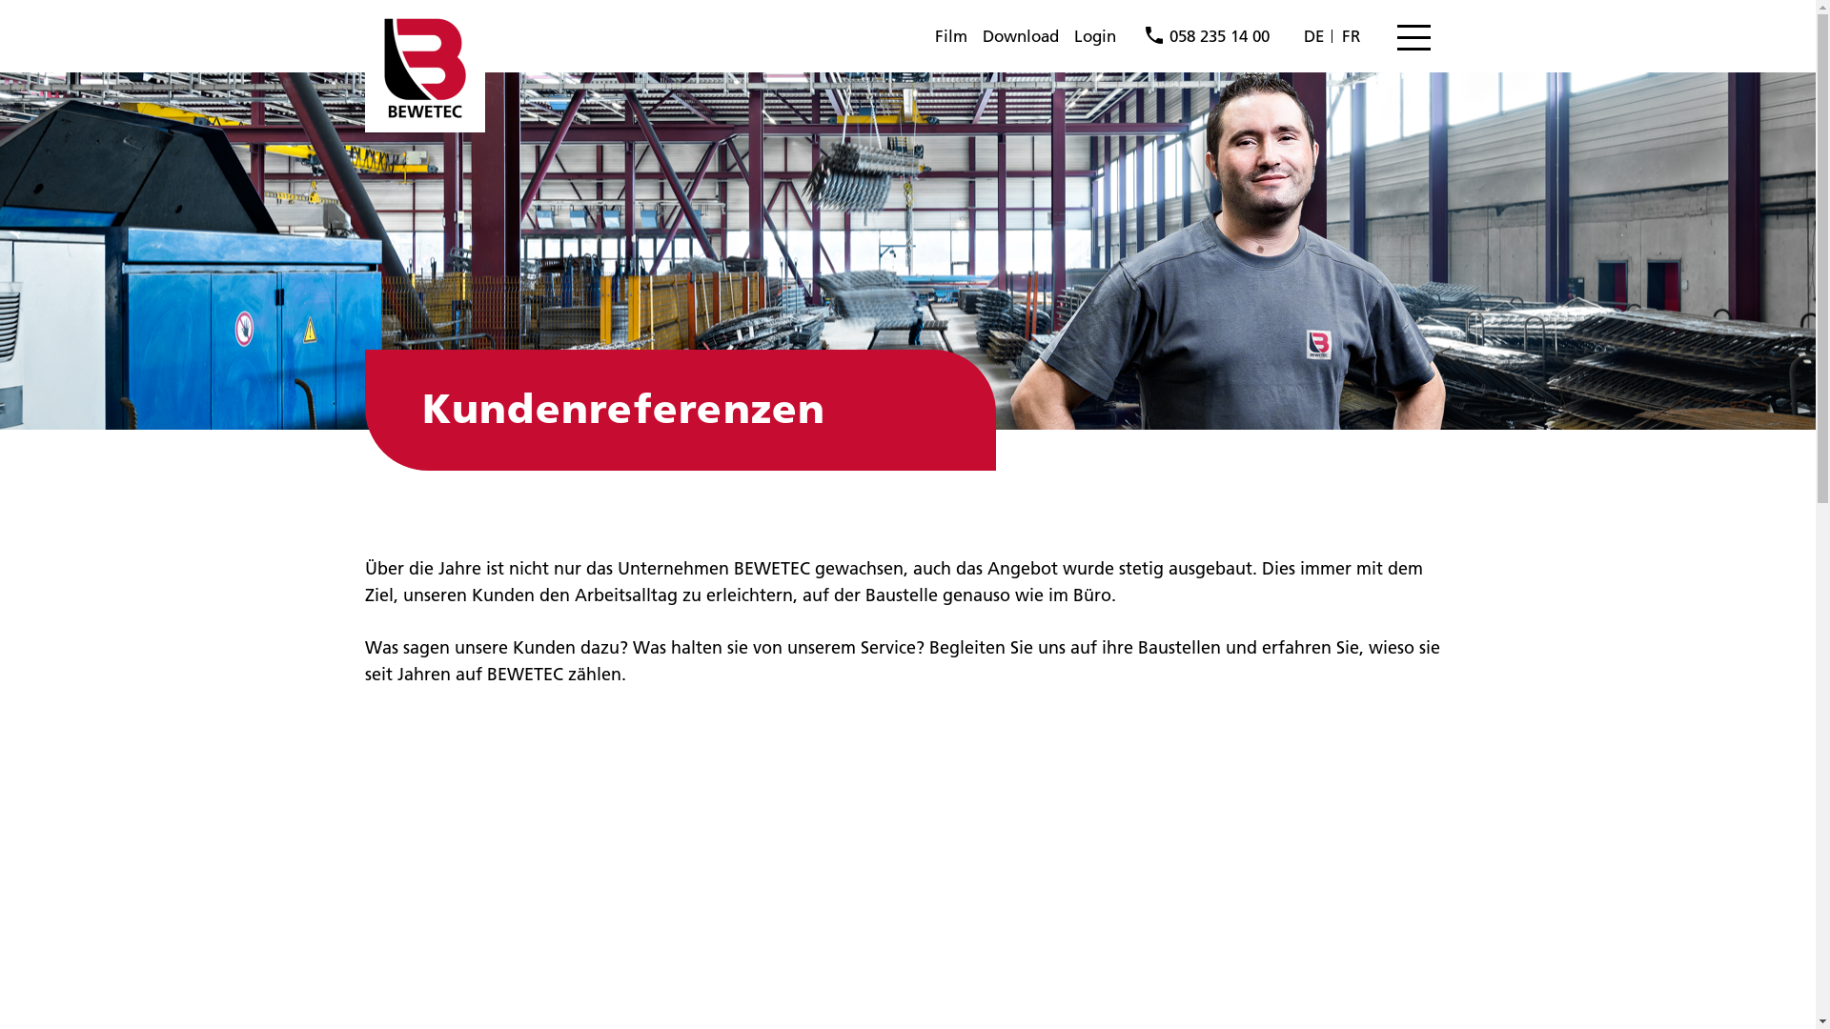 The height and width of the screenshot is (1029, 1830). What do you see at coordinates (1019, 36) in the screenshot?
I see `'Download'` at bounding box center [1019, 36].